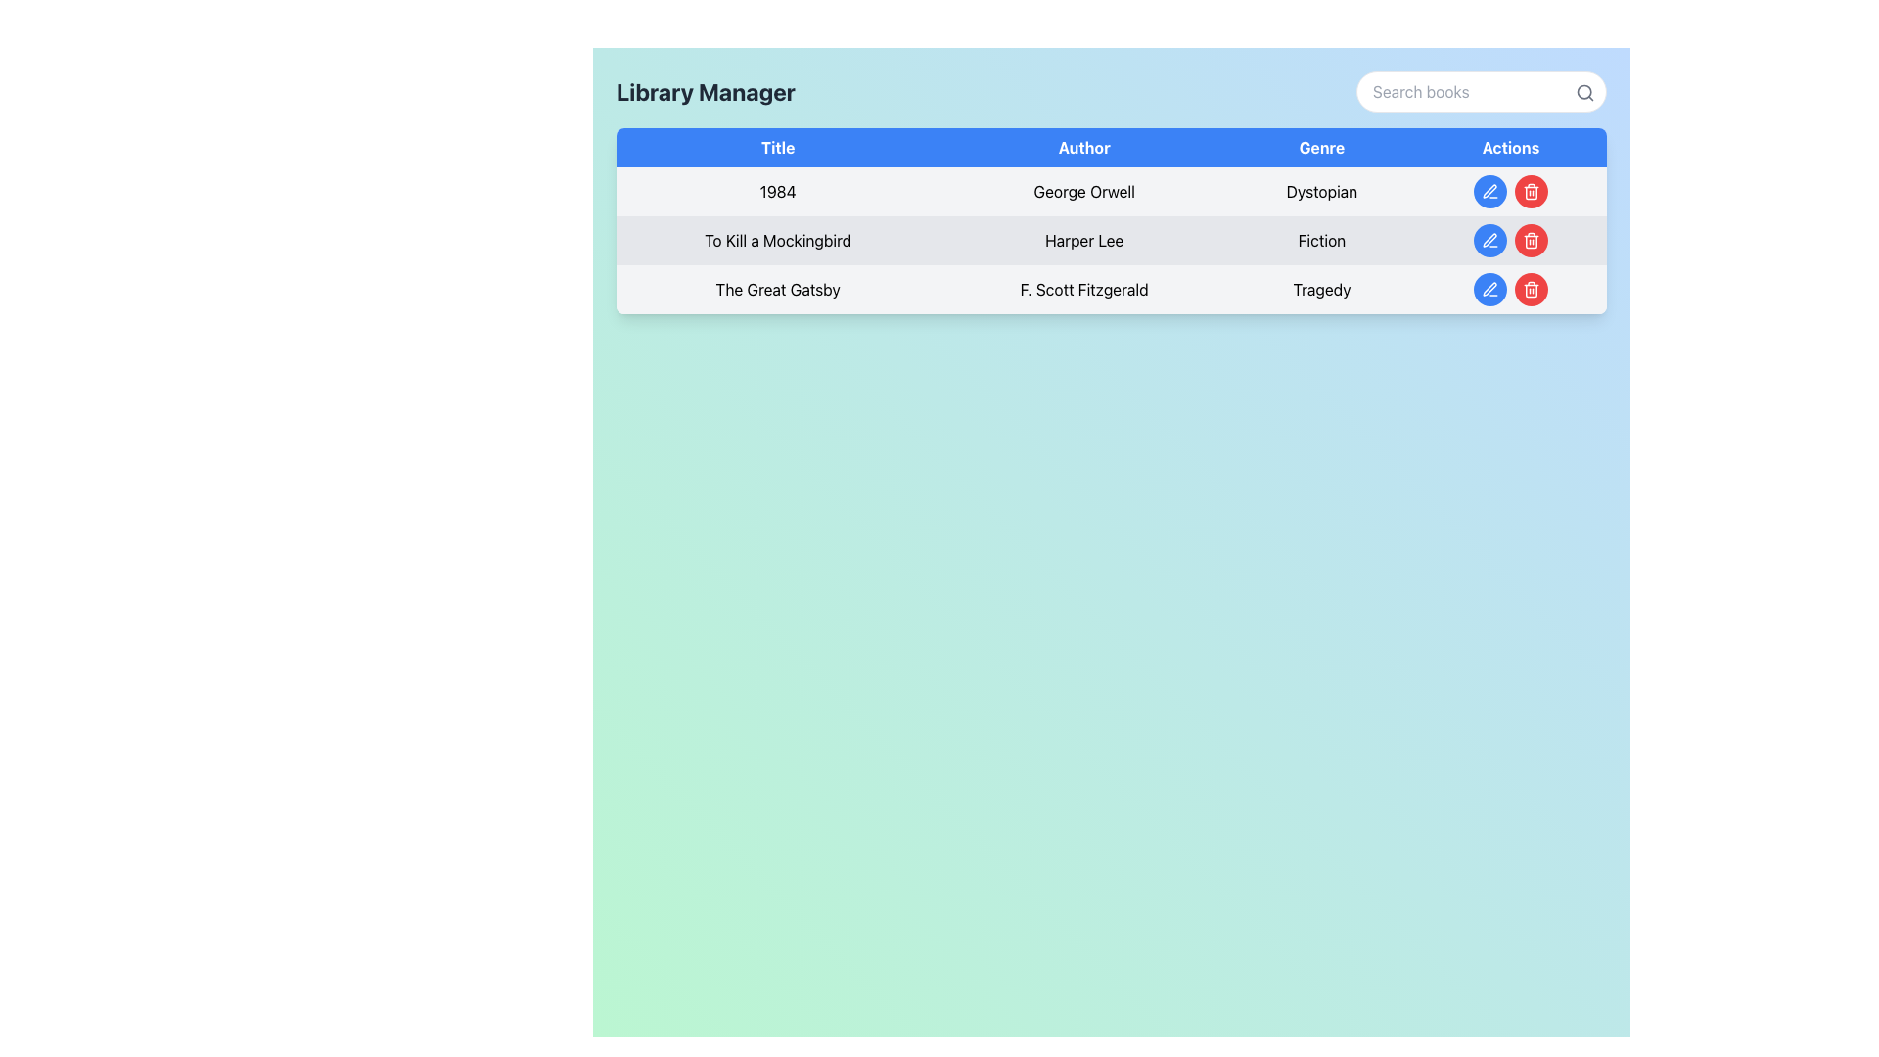 Image resolution: width=1879 pixels, height=1057 pixels. Describe the element at coordinates (1530, 240) in the screenshot. I see `the delete button located in the 'Actions' column of the second row in the table, positioned immediately to the right of a blue button with a white pen icon` at that location.